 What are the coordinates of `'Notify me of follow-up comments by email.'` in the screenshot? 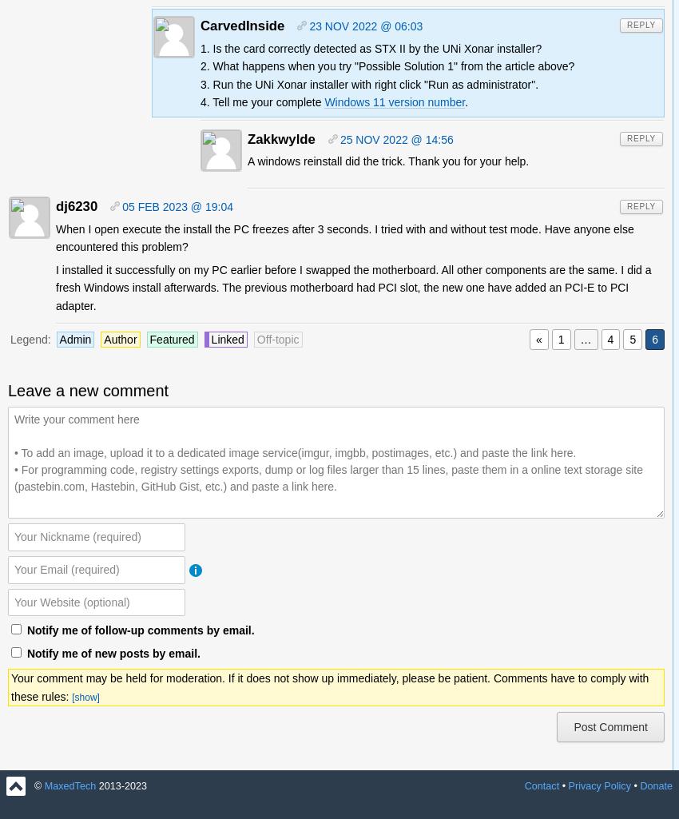 It's located at (139, 630).